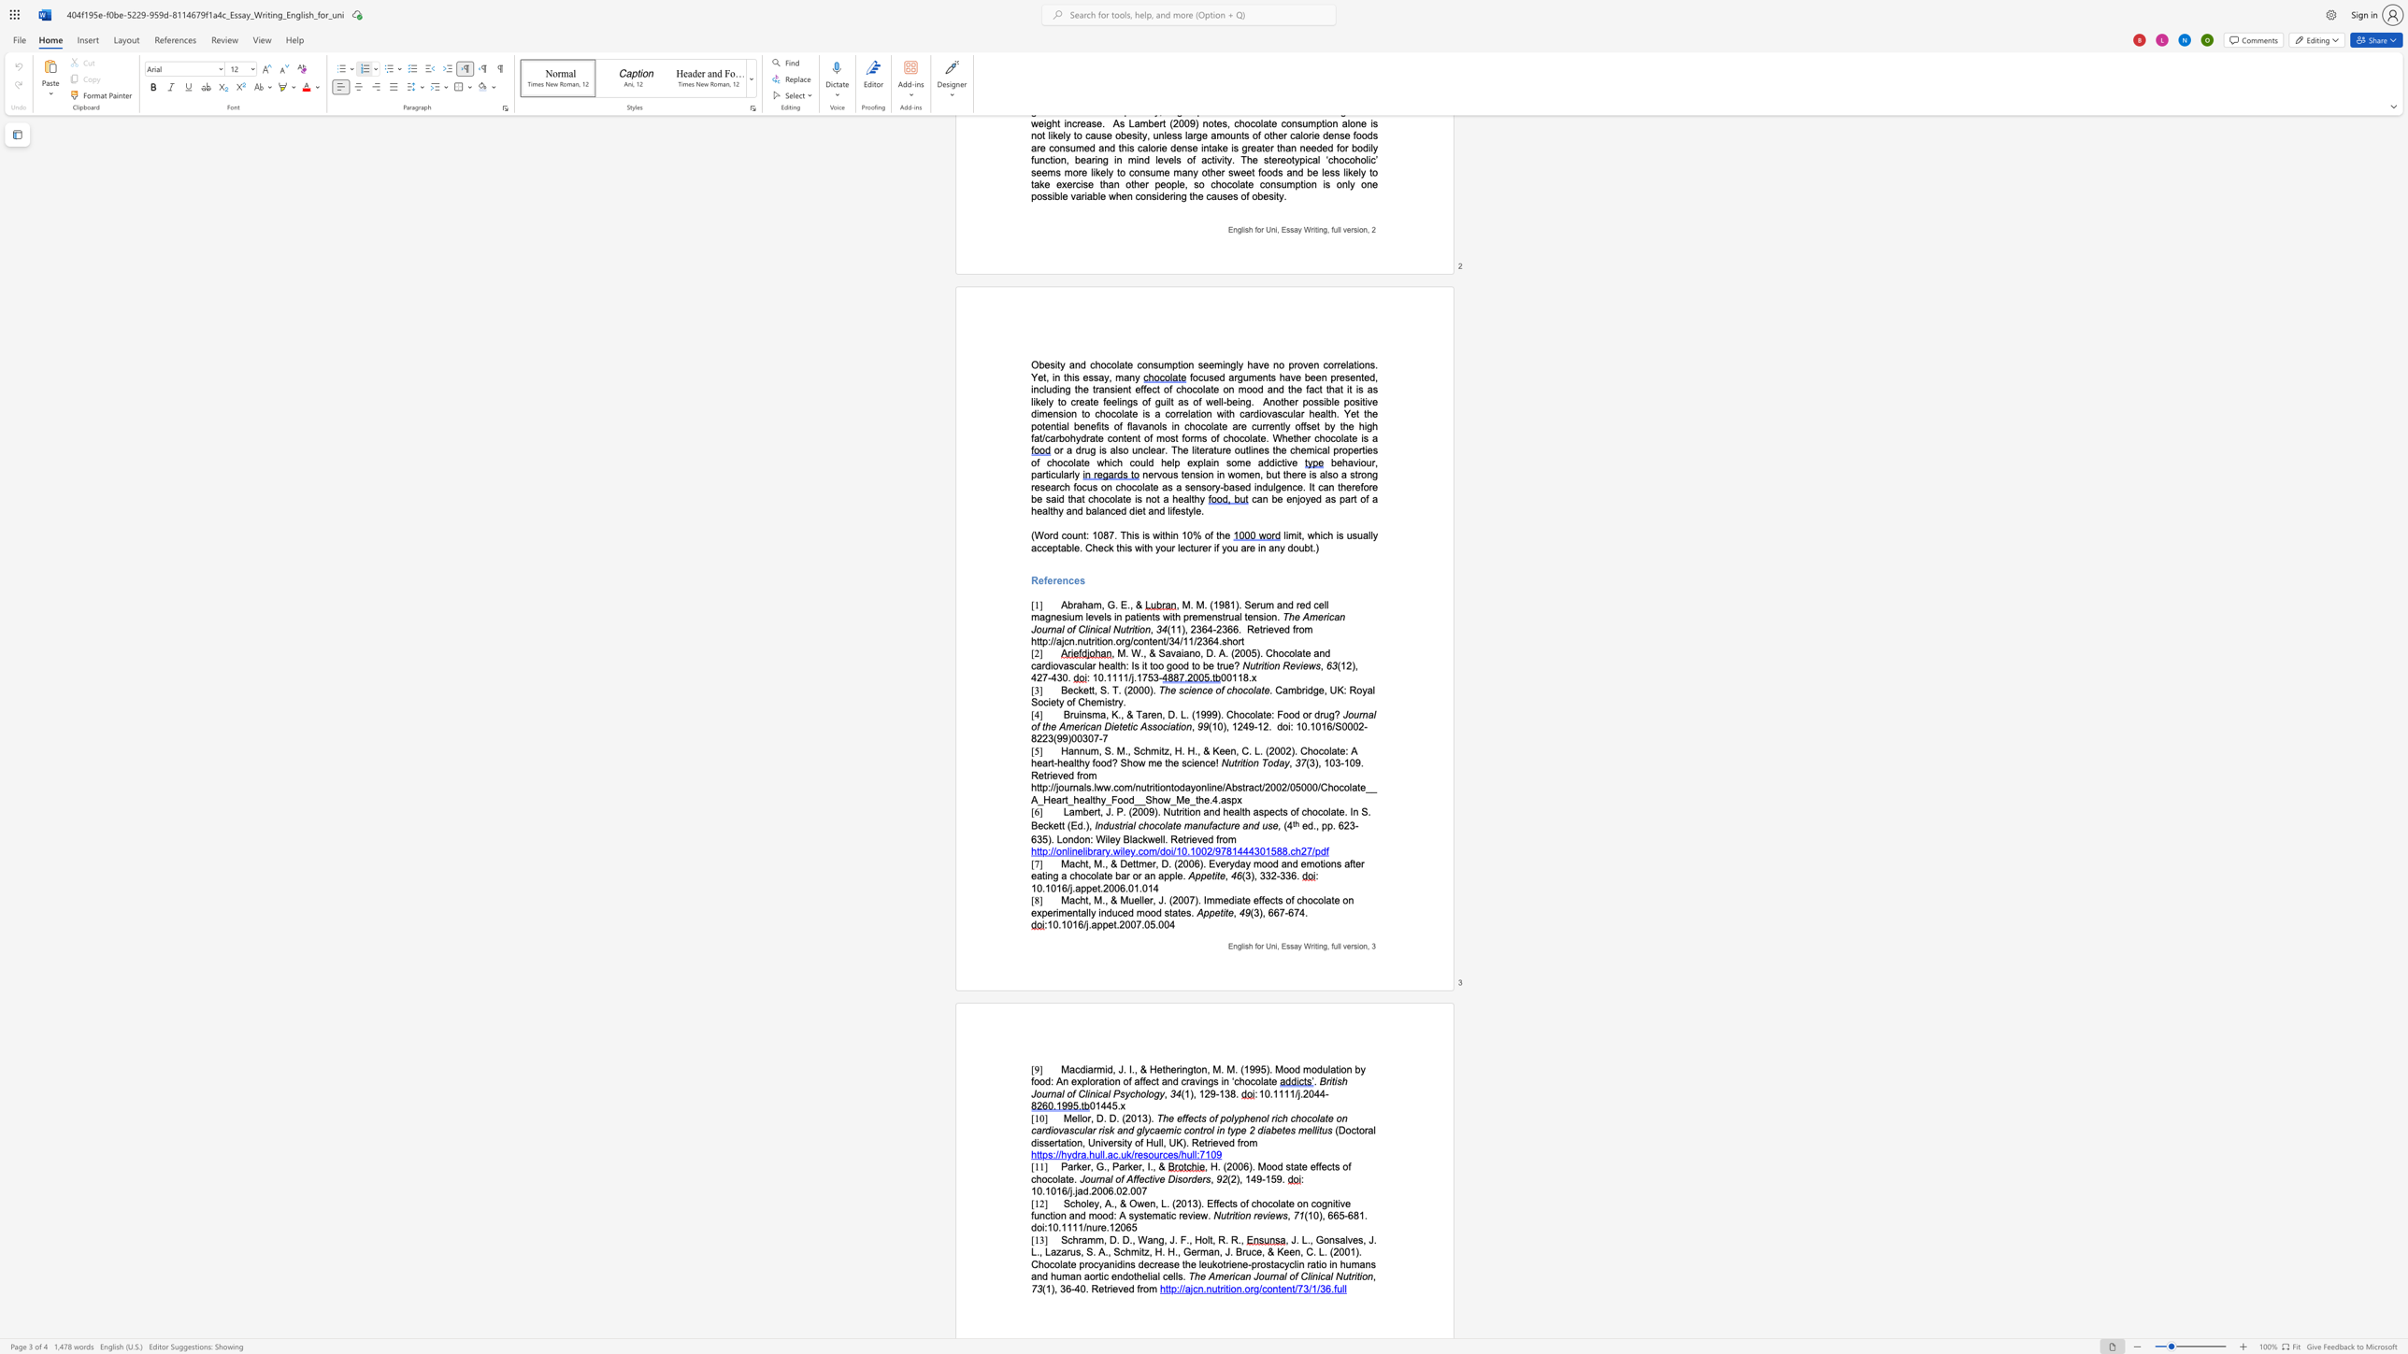 The width and height of the screenshot is (2408, 1354). I want to click on the 2th character "r" in the text, so click(1179, 810).